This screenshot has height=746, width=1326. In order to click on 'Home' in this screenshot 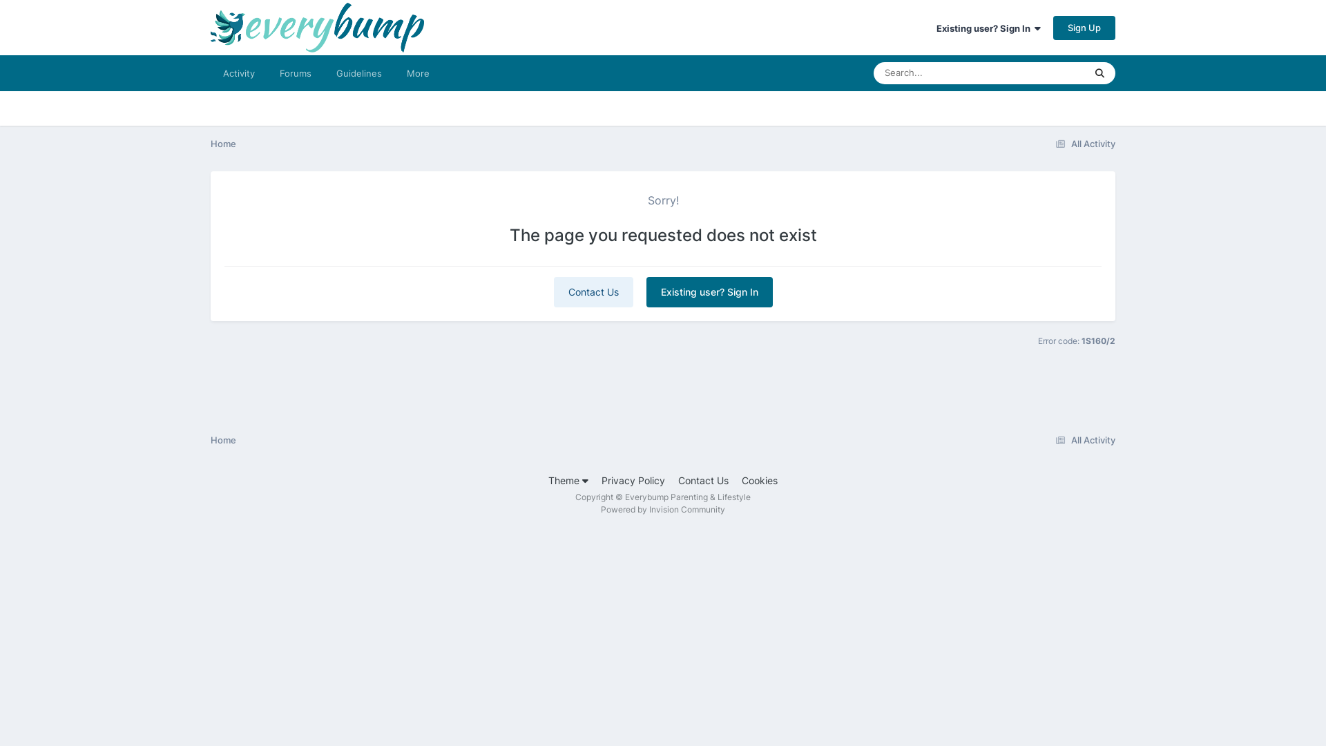, I will do `click(223, 144)`.